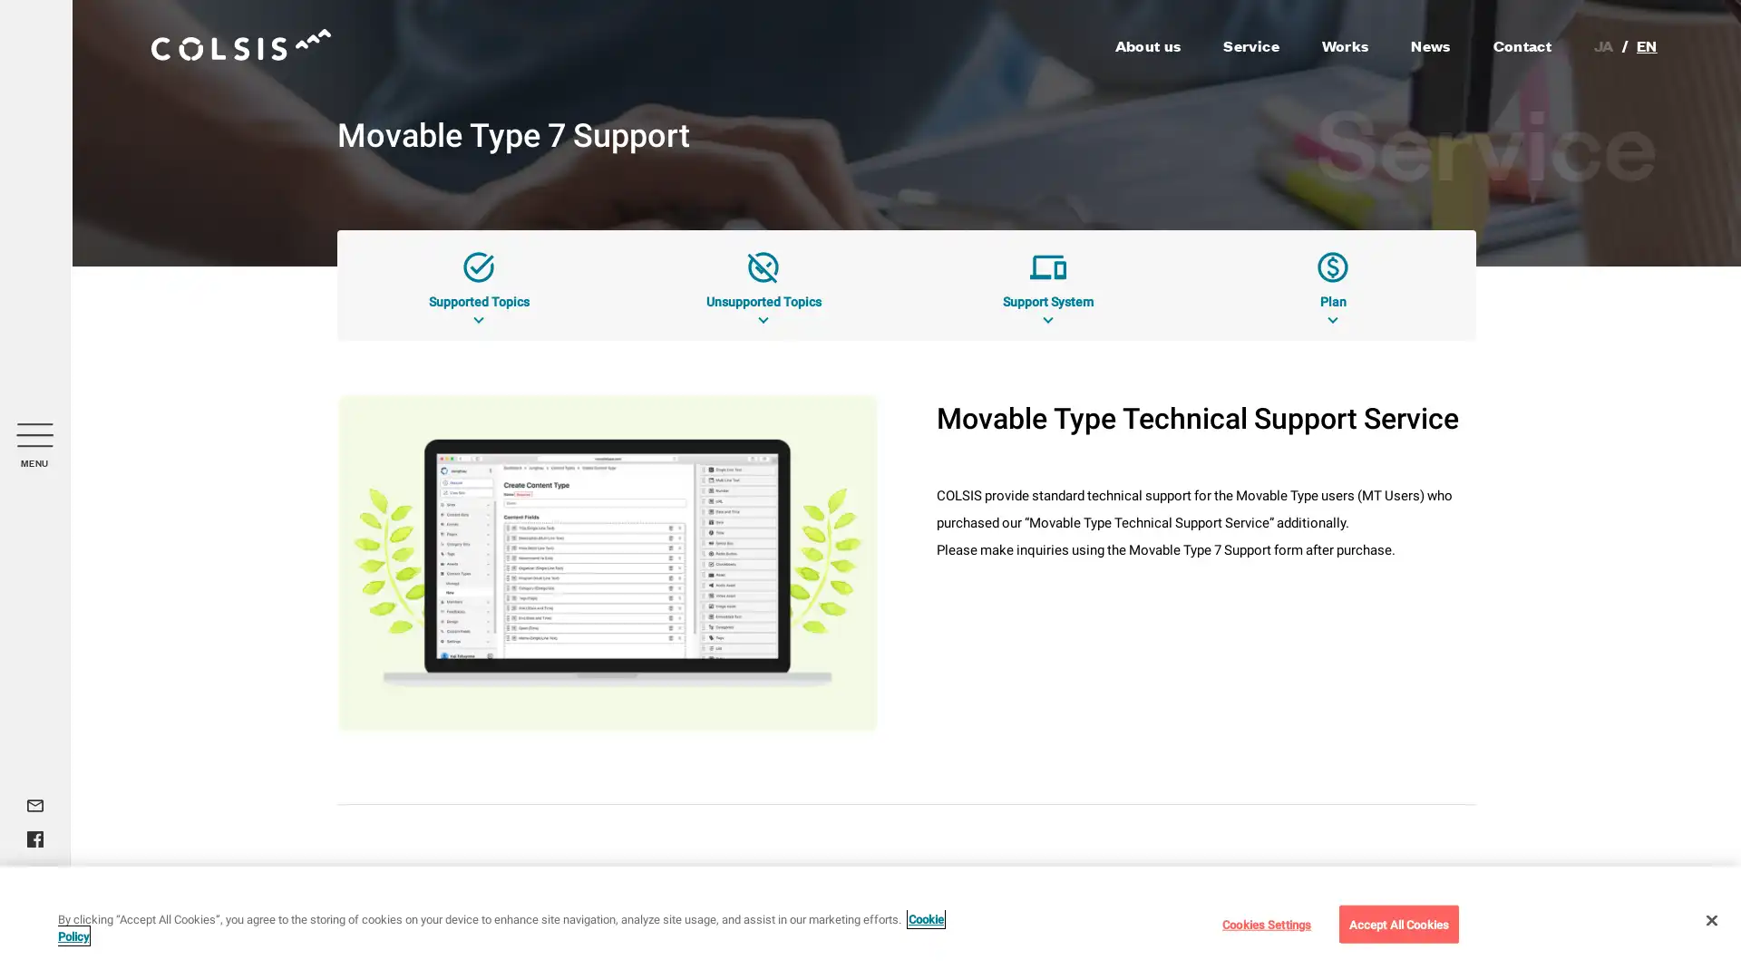 Image resolution: width=1741 pixels, height=979 pixels. I want to click on Cookies Settings, so click(1265, 923).